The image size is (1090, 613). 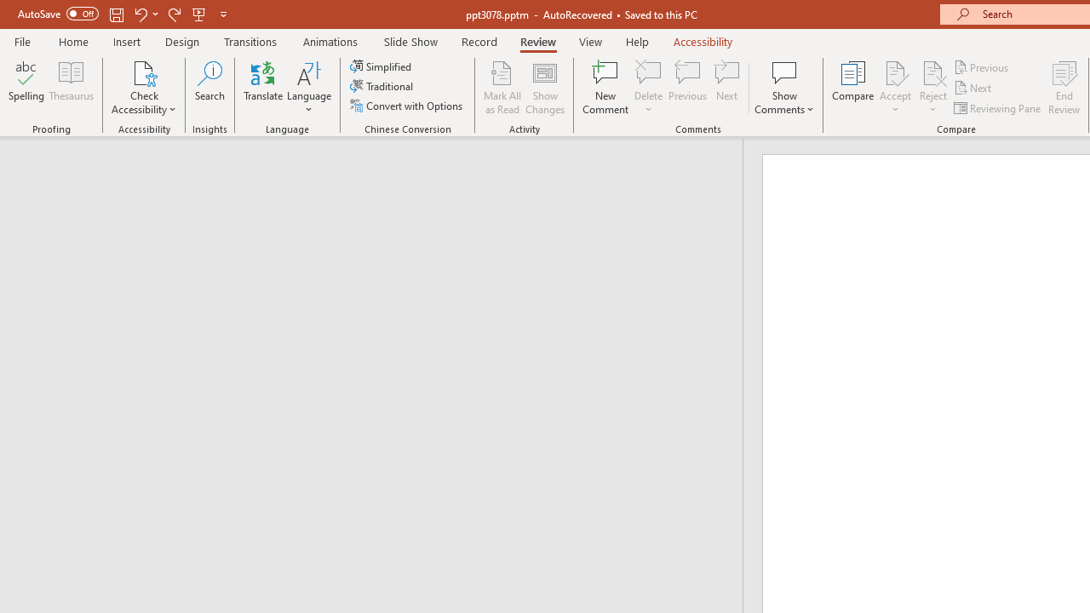 I want to click on 'Mark All as Read', so click(x=502, y=88).